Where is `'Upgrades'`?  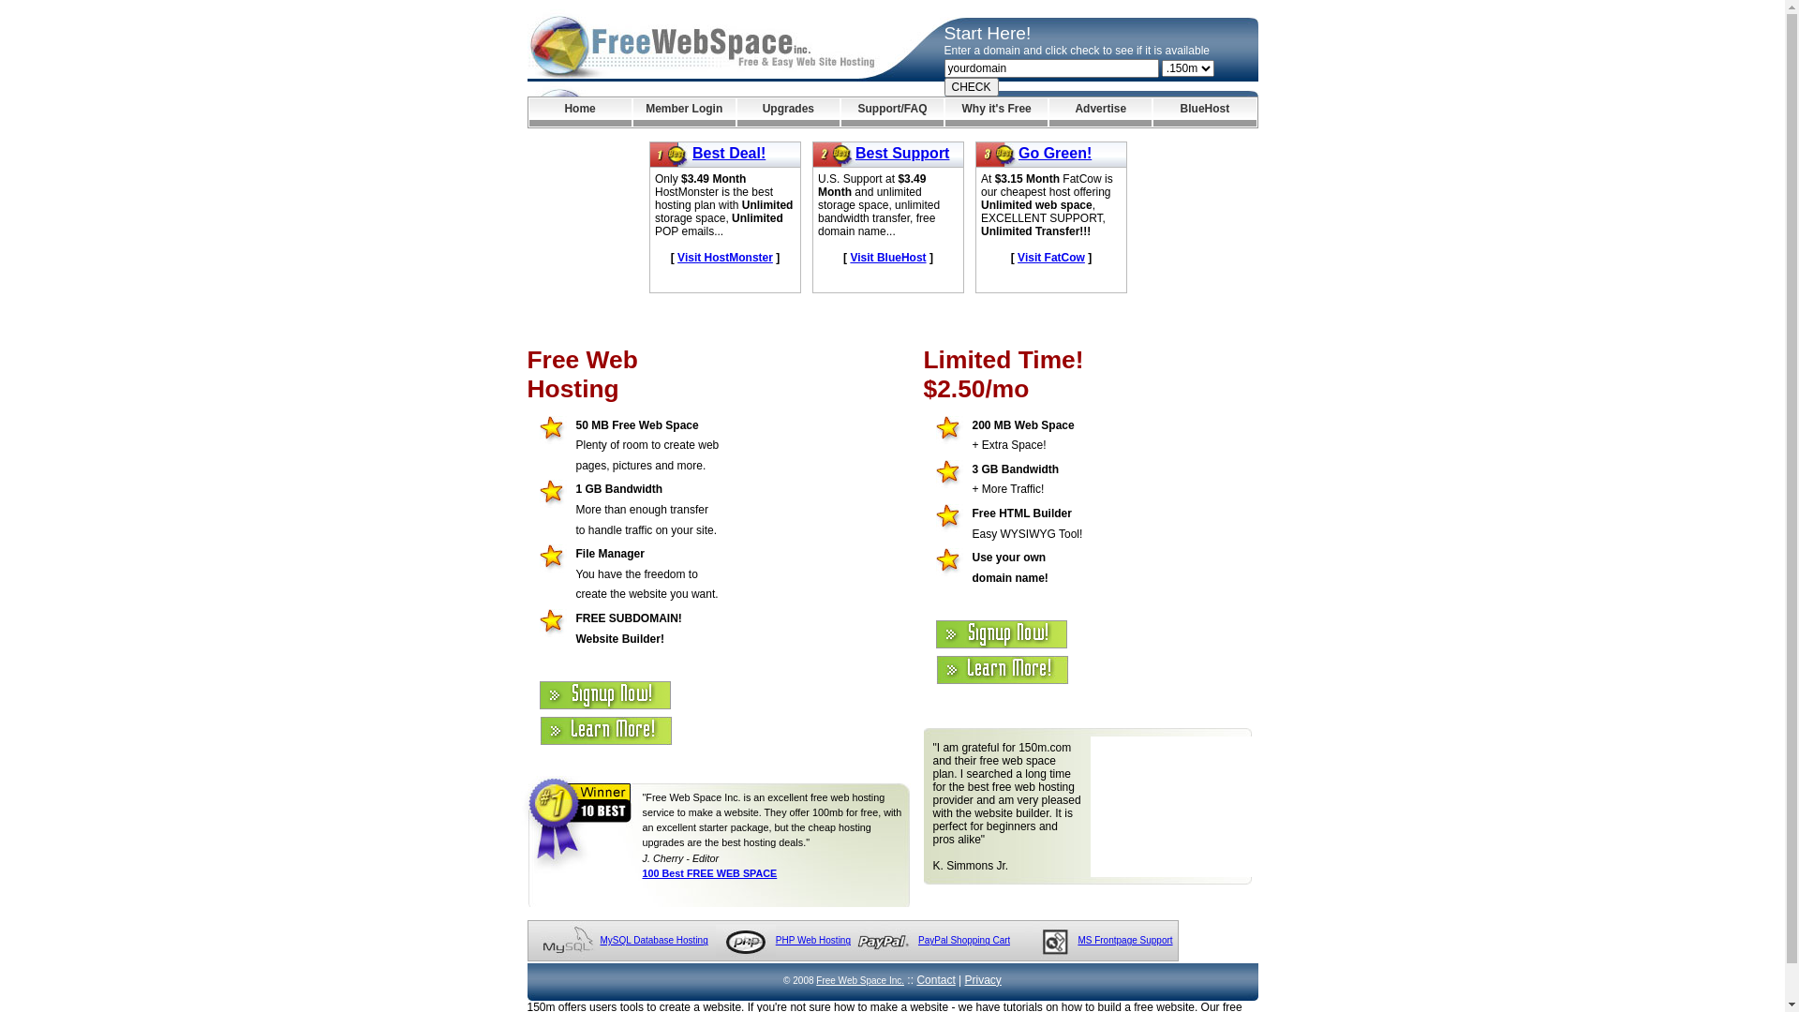
'Upgrades' is located at coordinates (788, 112).